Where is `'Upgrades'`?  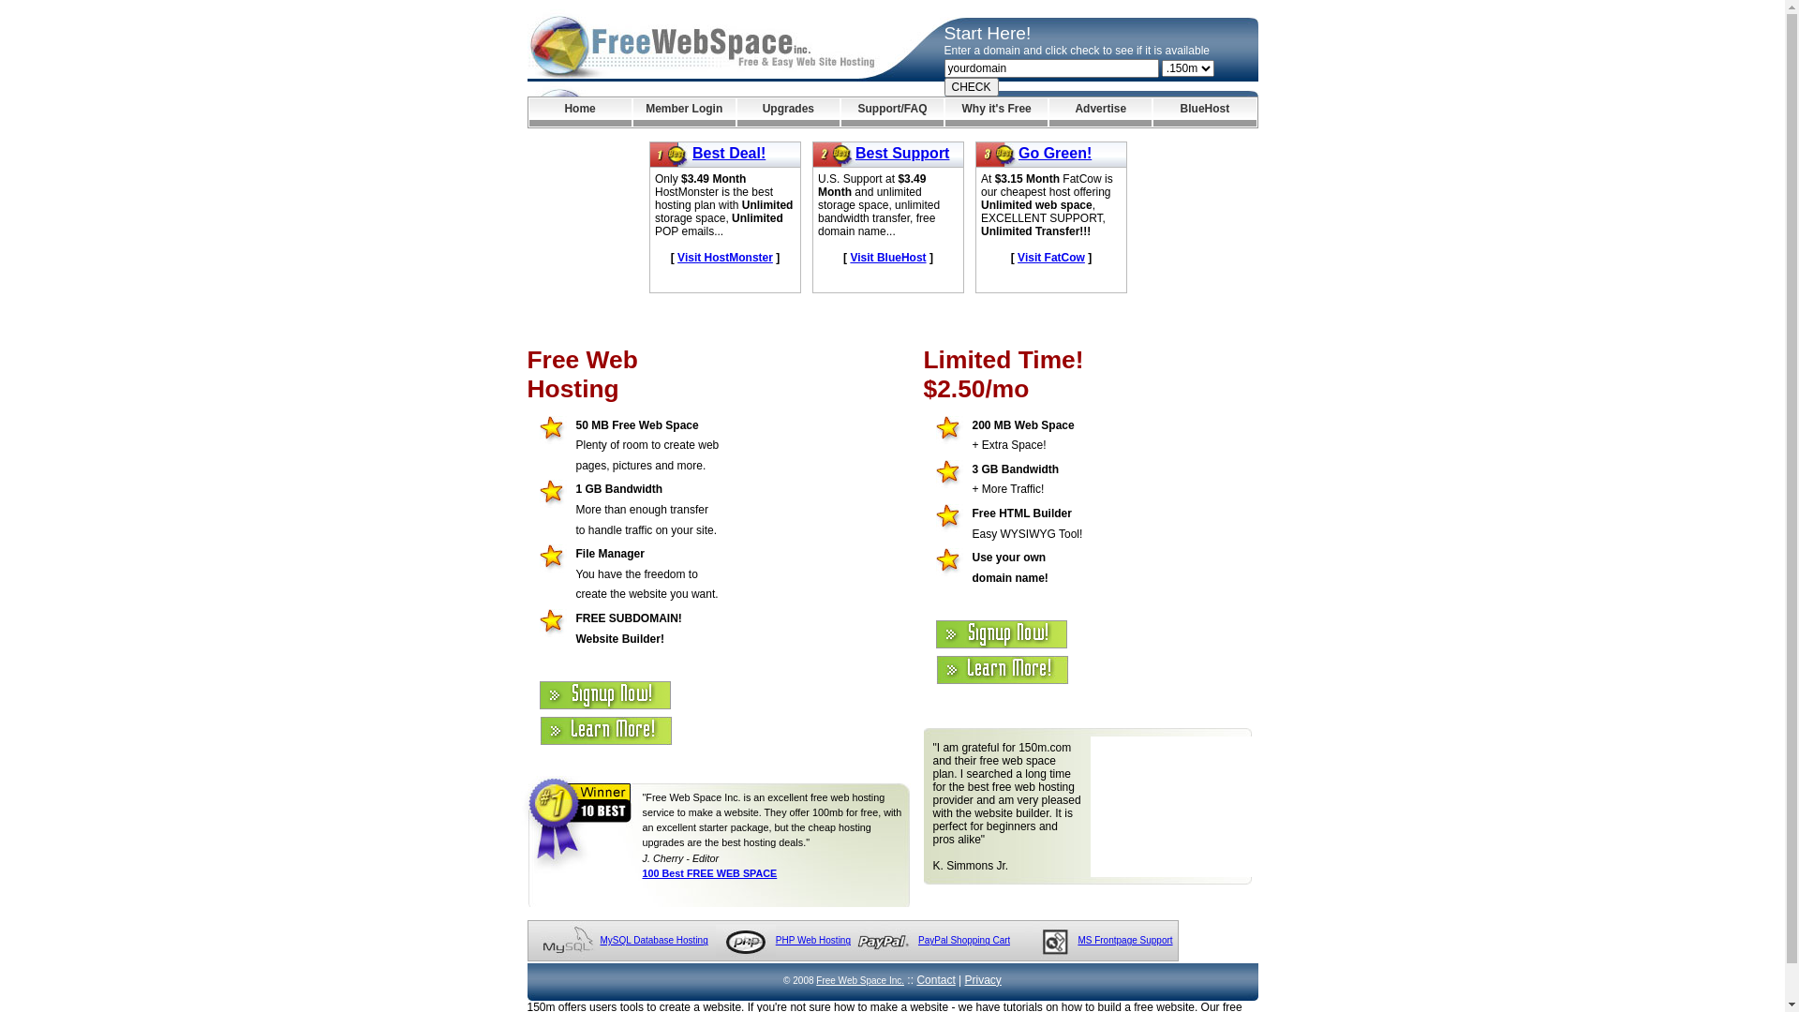
'Upgrades' is located at coordinates (788, 112).